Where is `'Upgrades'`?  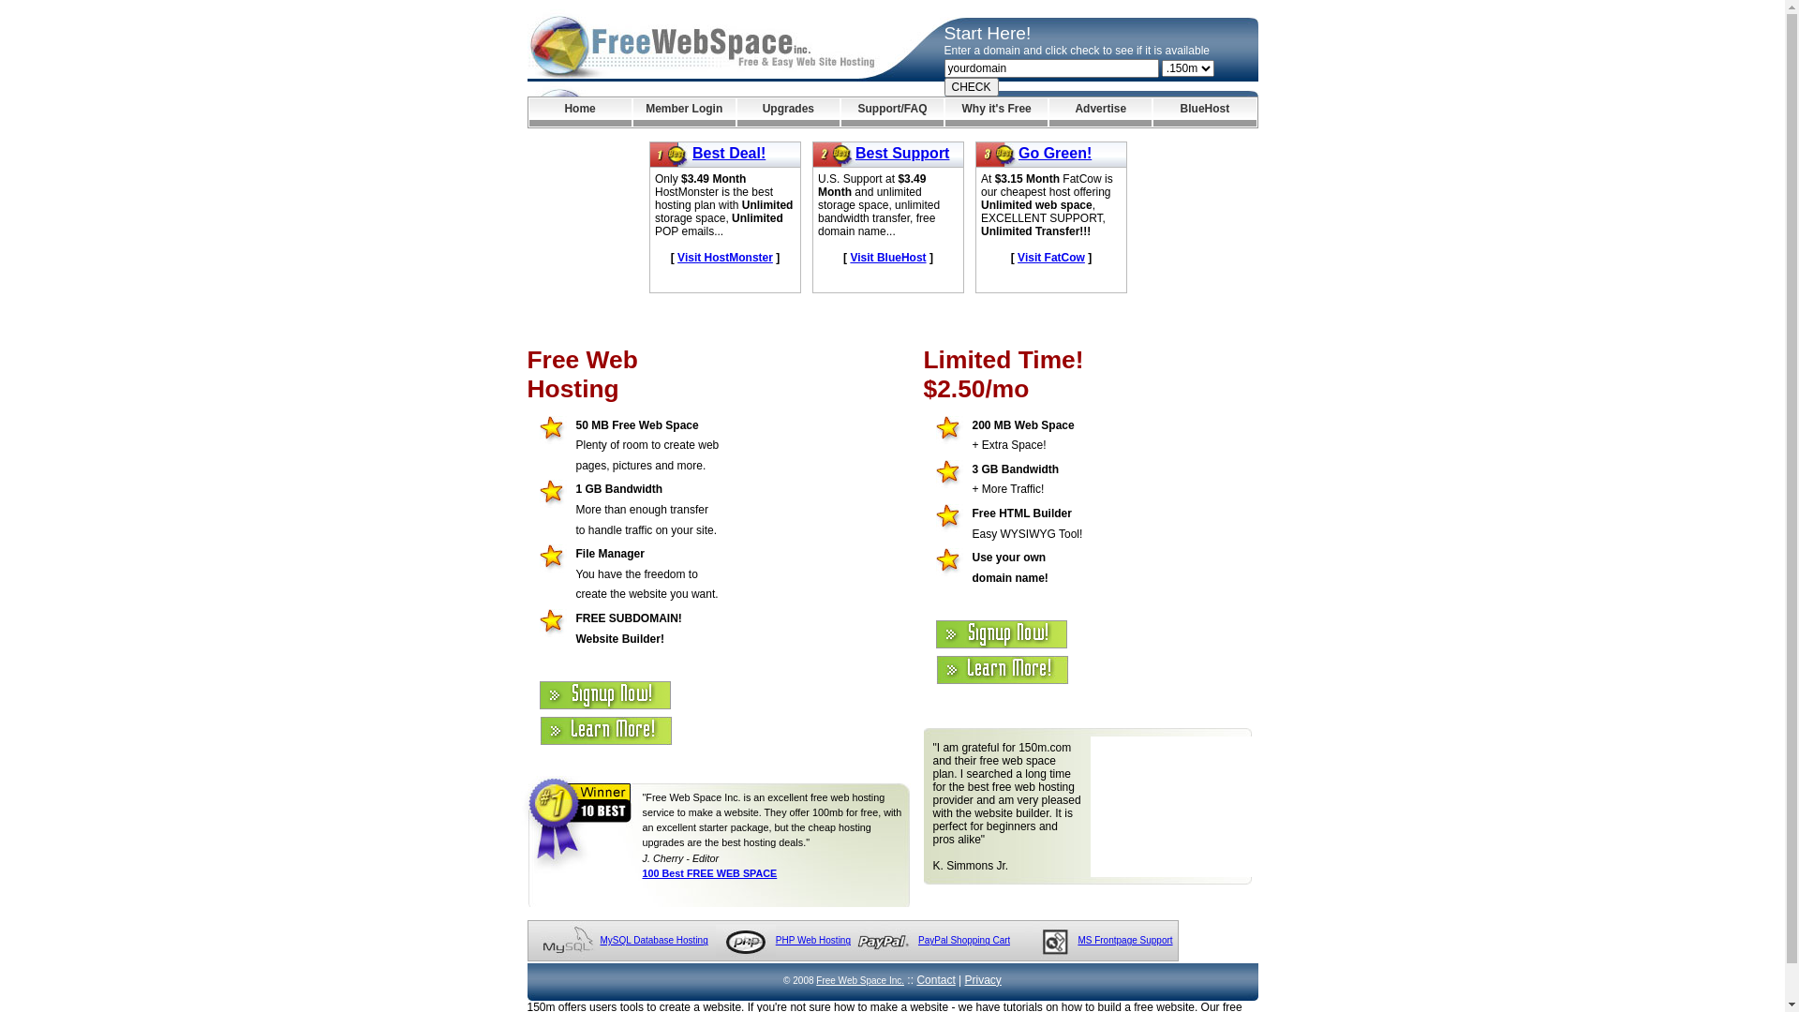
'Upgrades' is located at coordinates (788, 112).